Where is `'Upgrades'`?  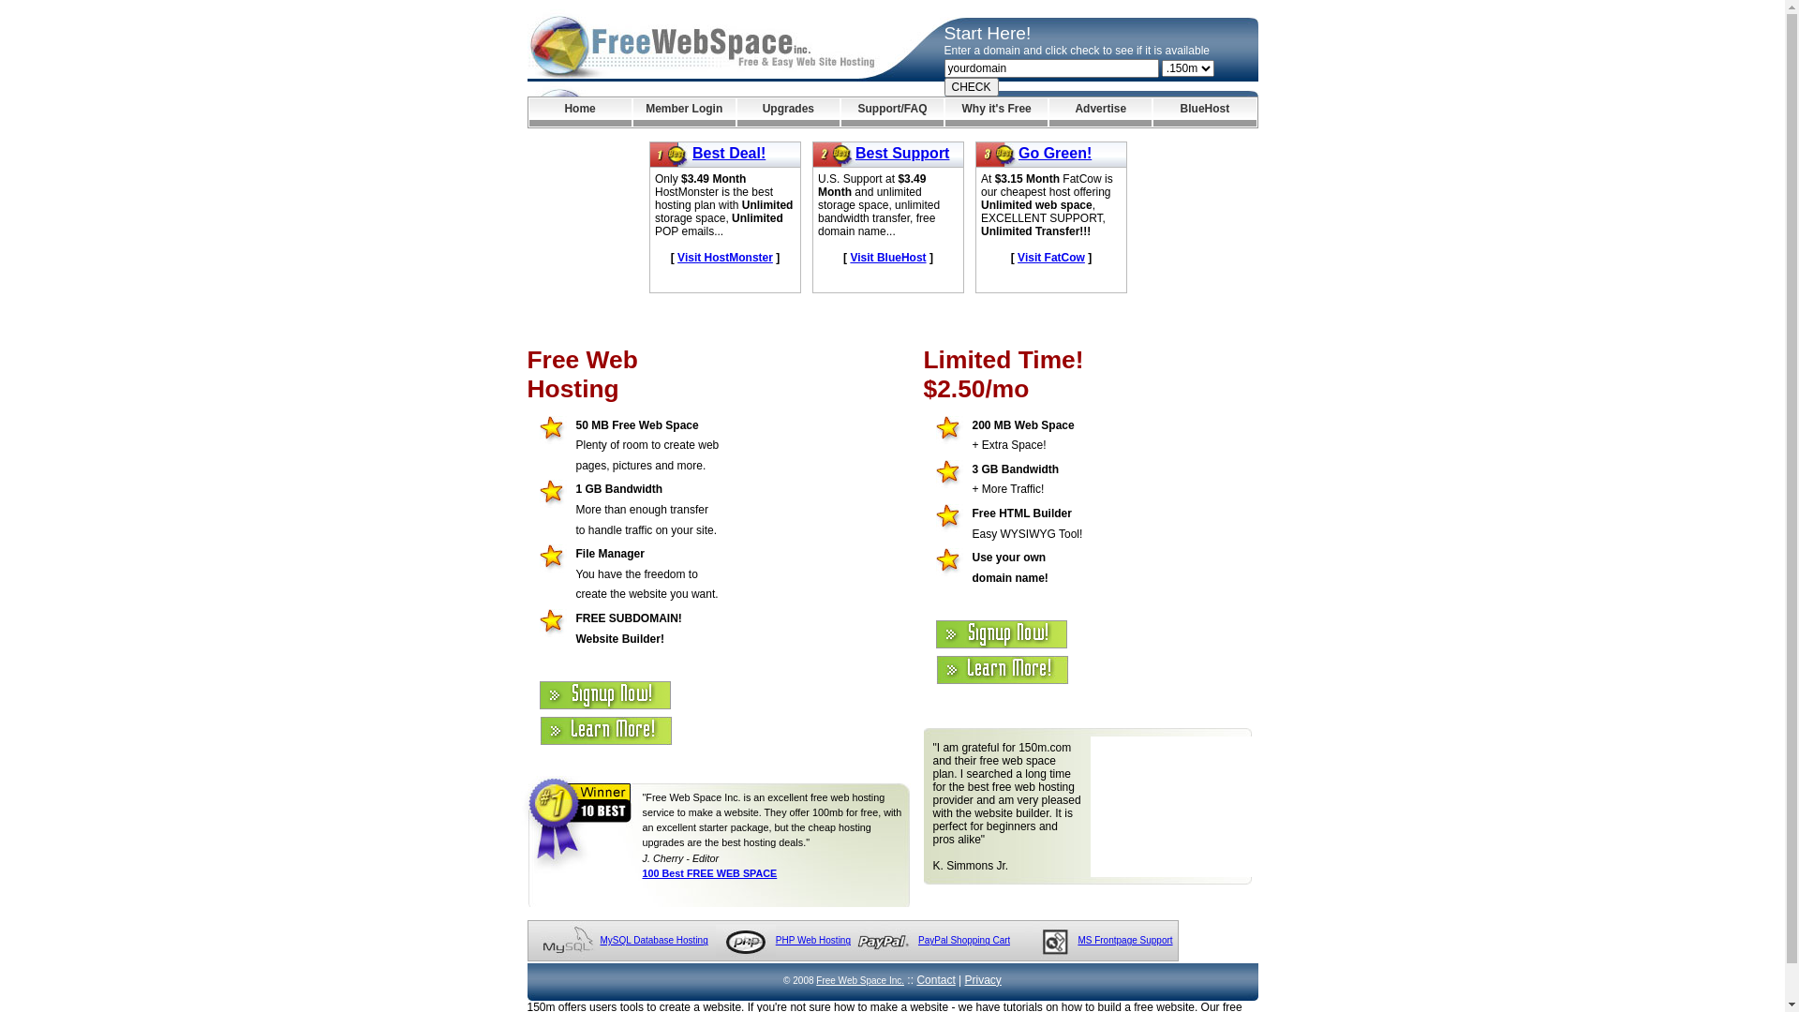
'Upgrades' is located at coordinates (788, 112).